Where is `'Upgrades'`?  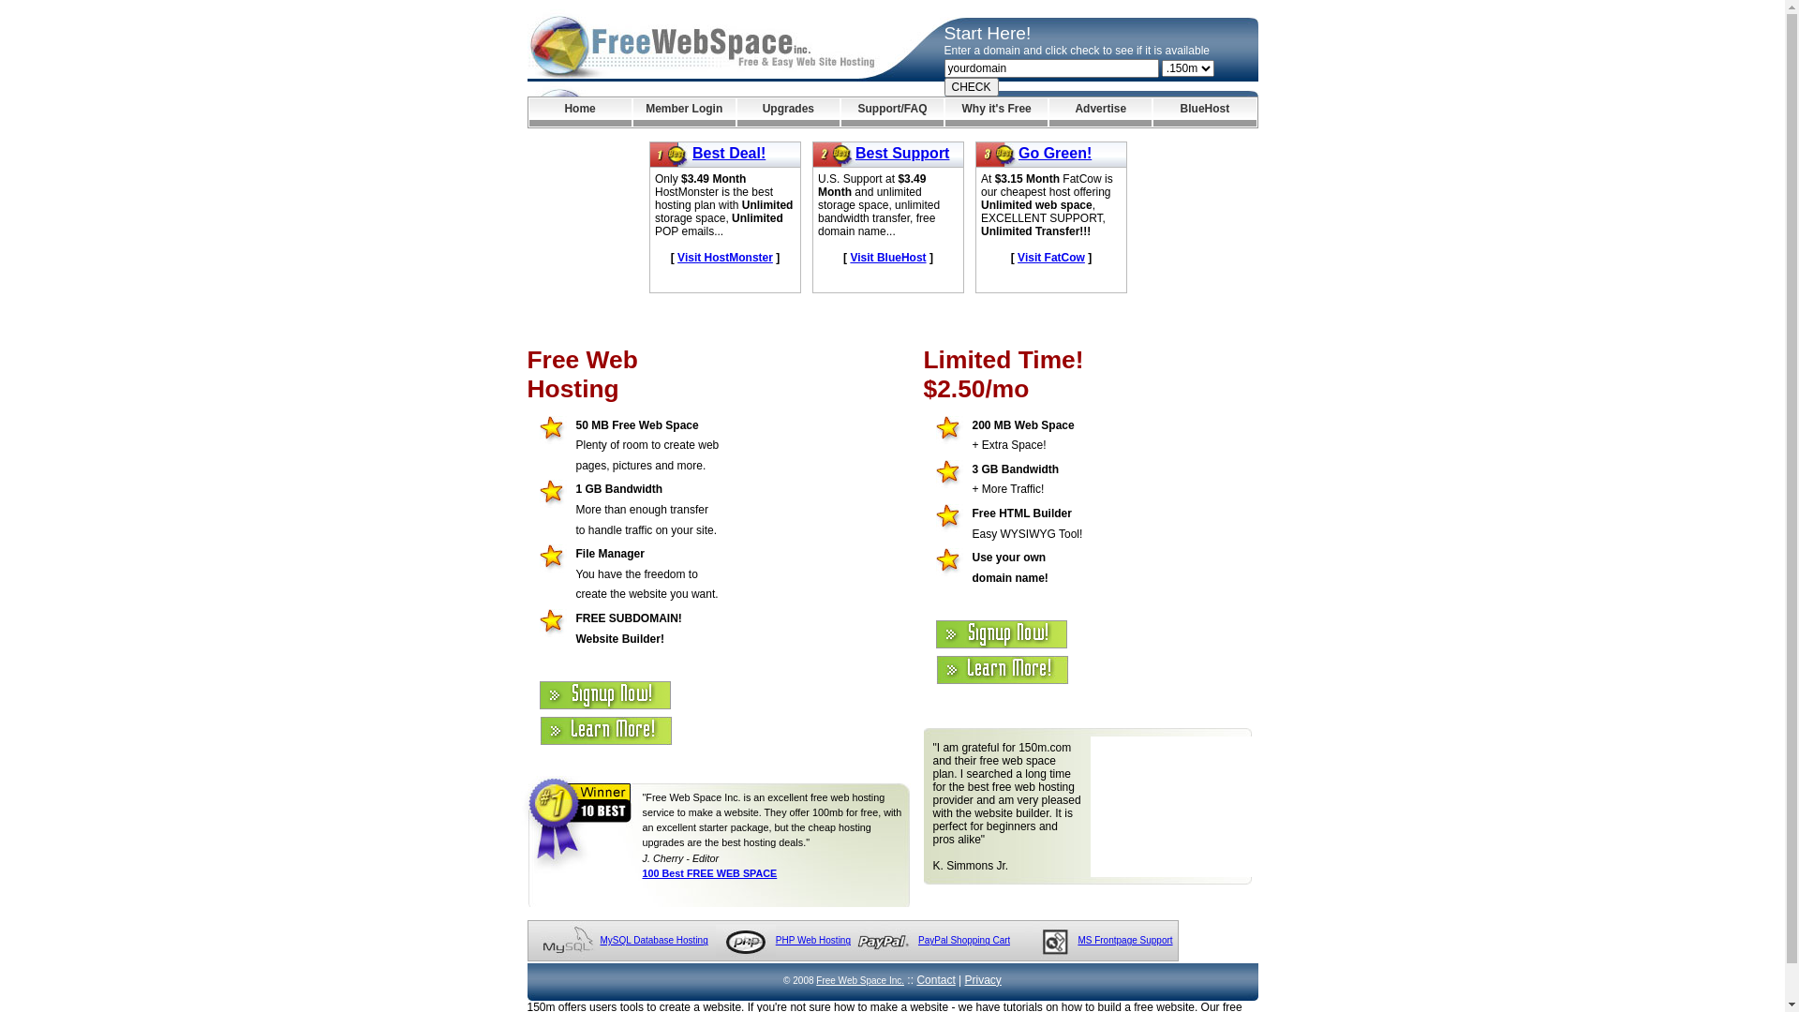
'Upgrades' is located at coordinates (788, 112).